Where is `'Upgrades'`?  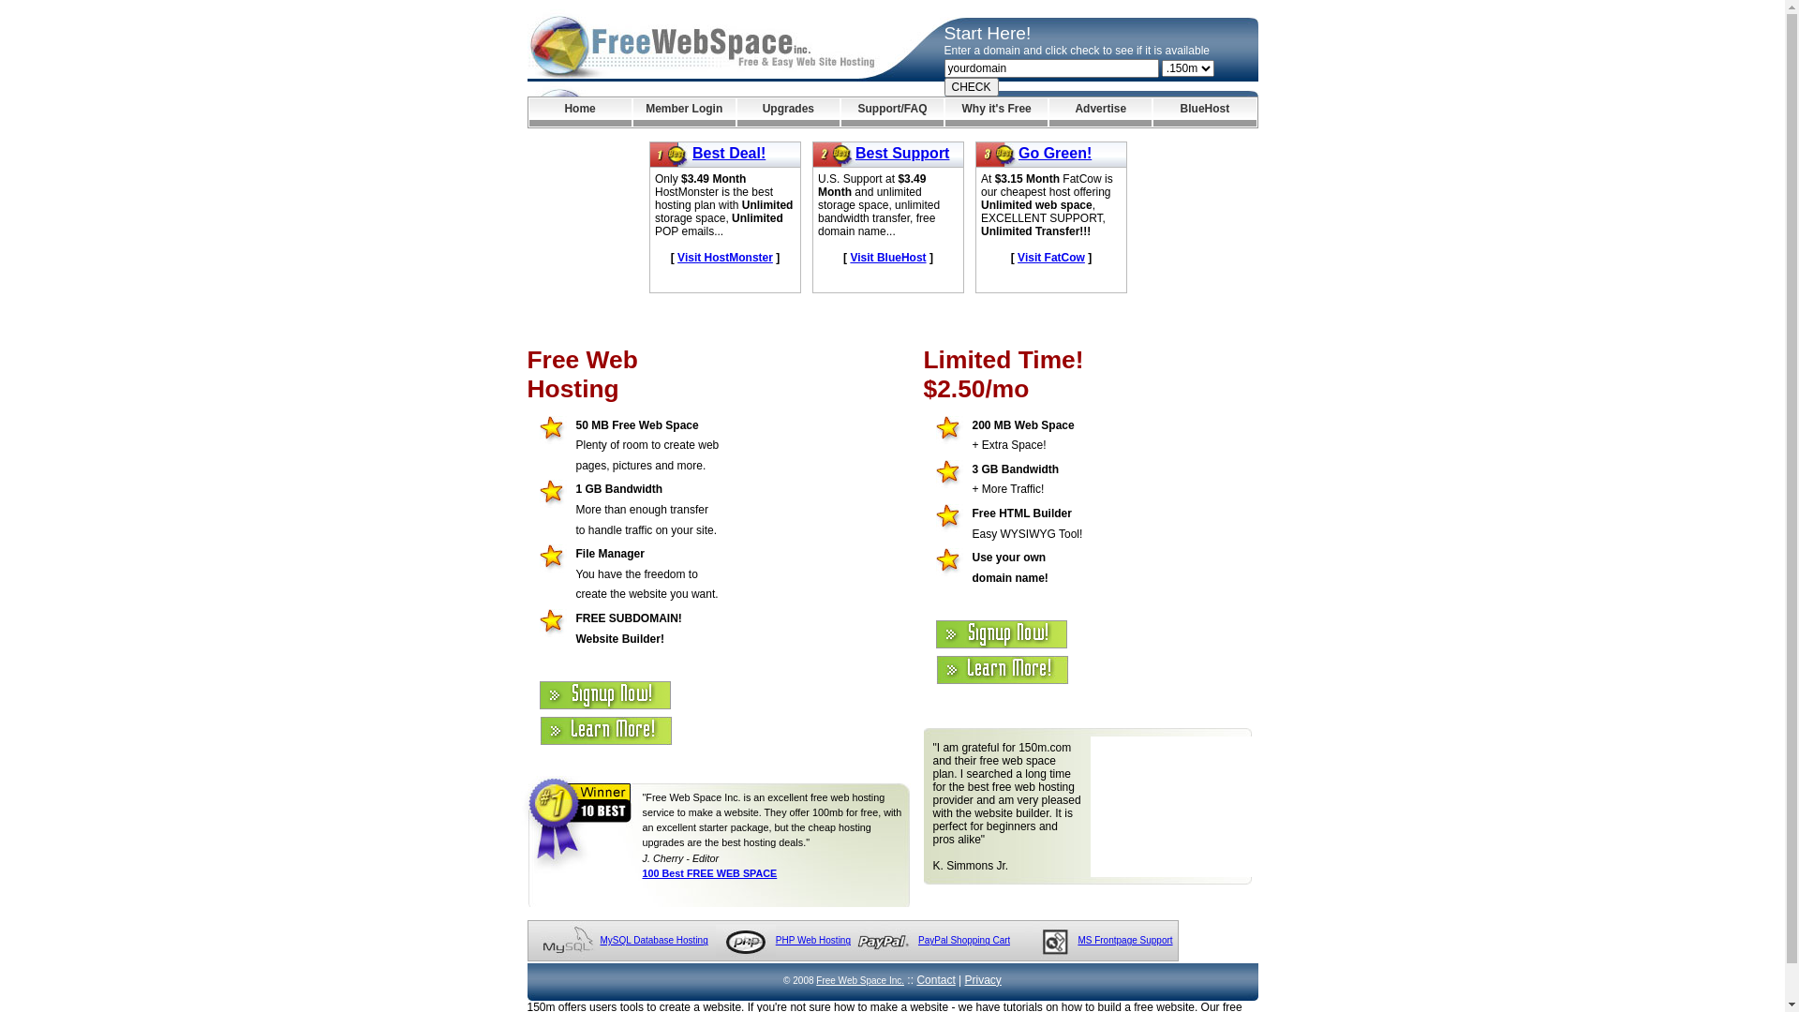
'Upgrades' is located at coordinates (788, 112).